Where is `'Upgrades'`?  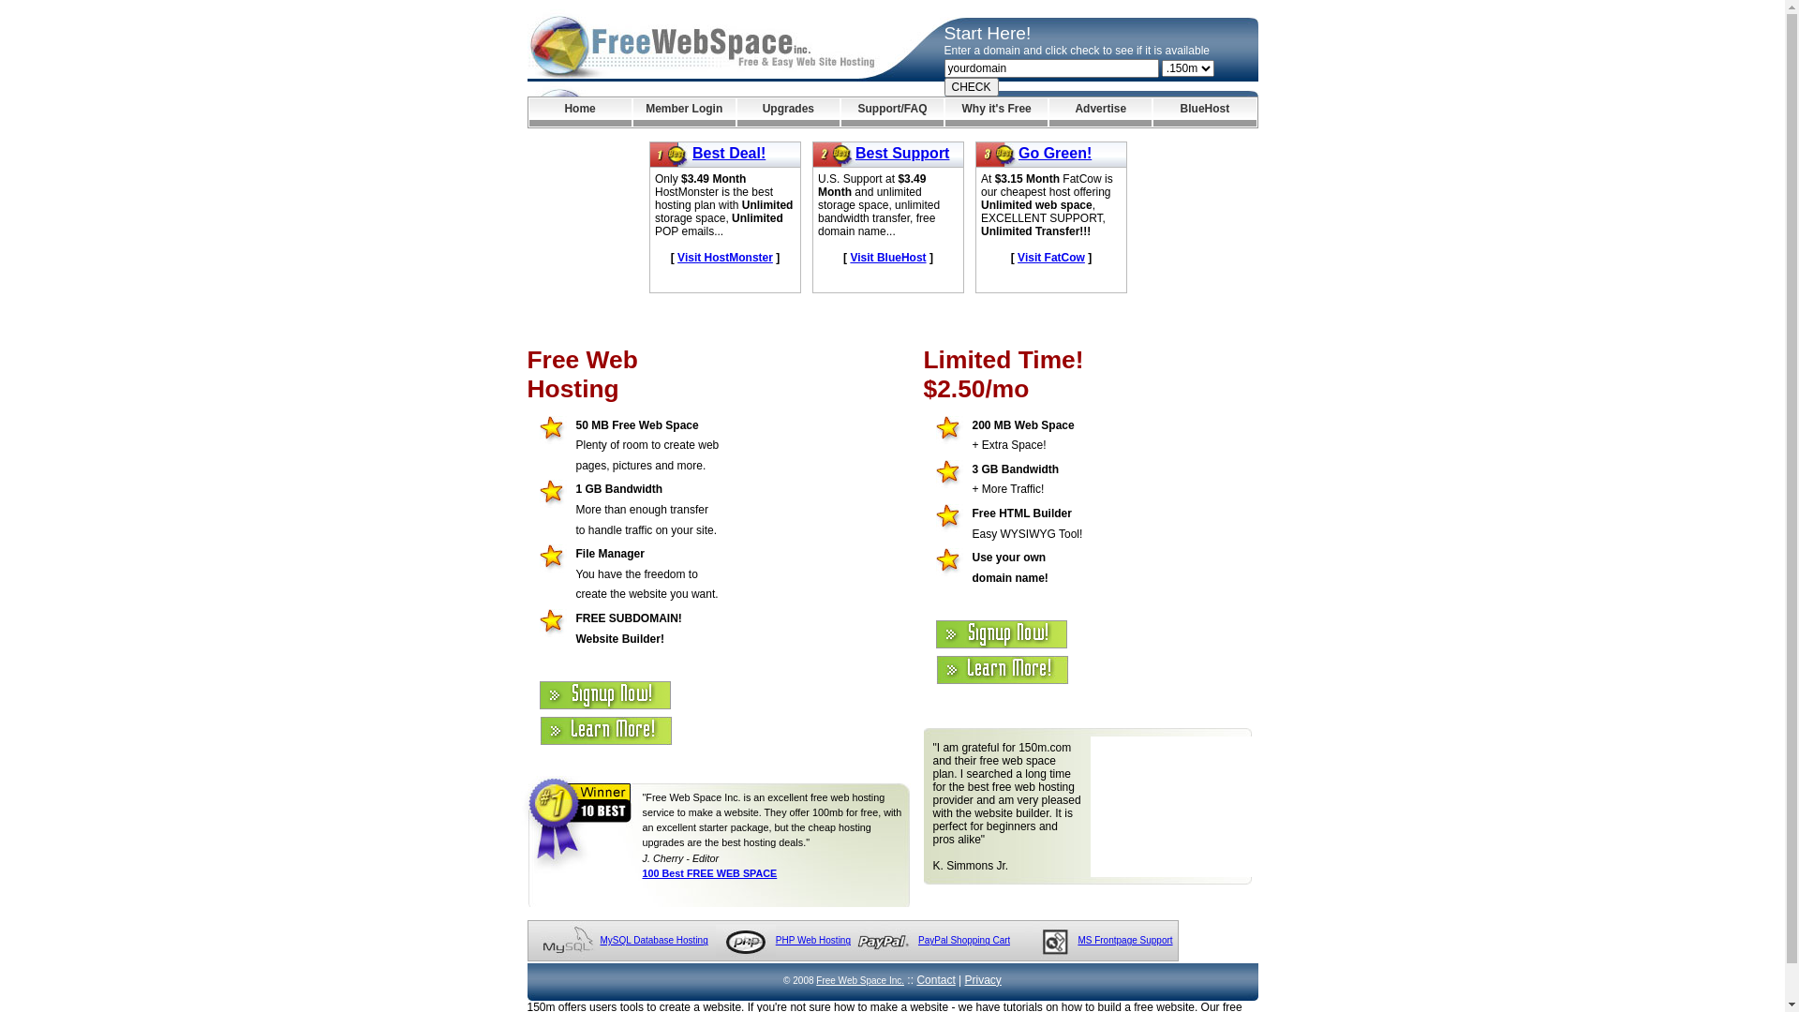
'Upgrades' is located at coordinates (788, 112).